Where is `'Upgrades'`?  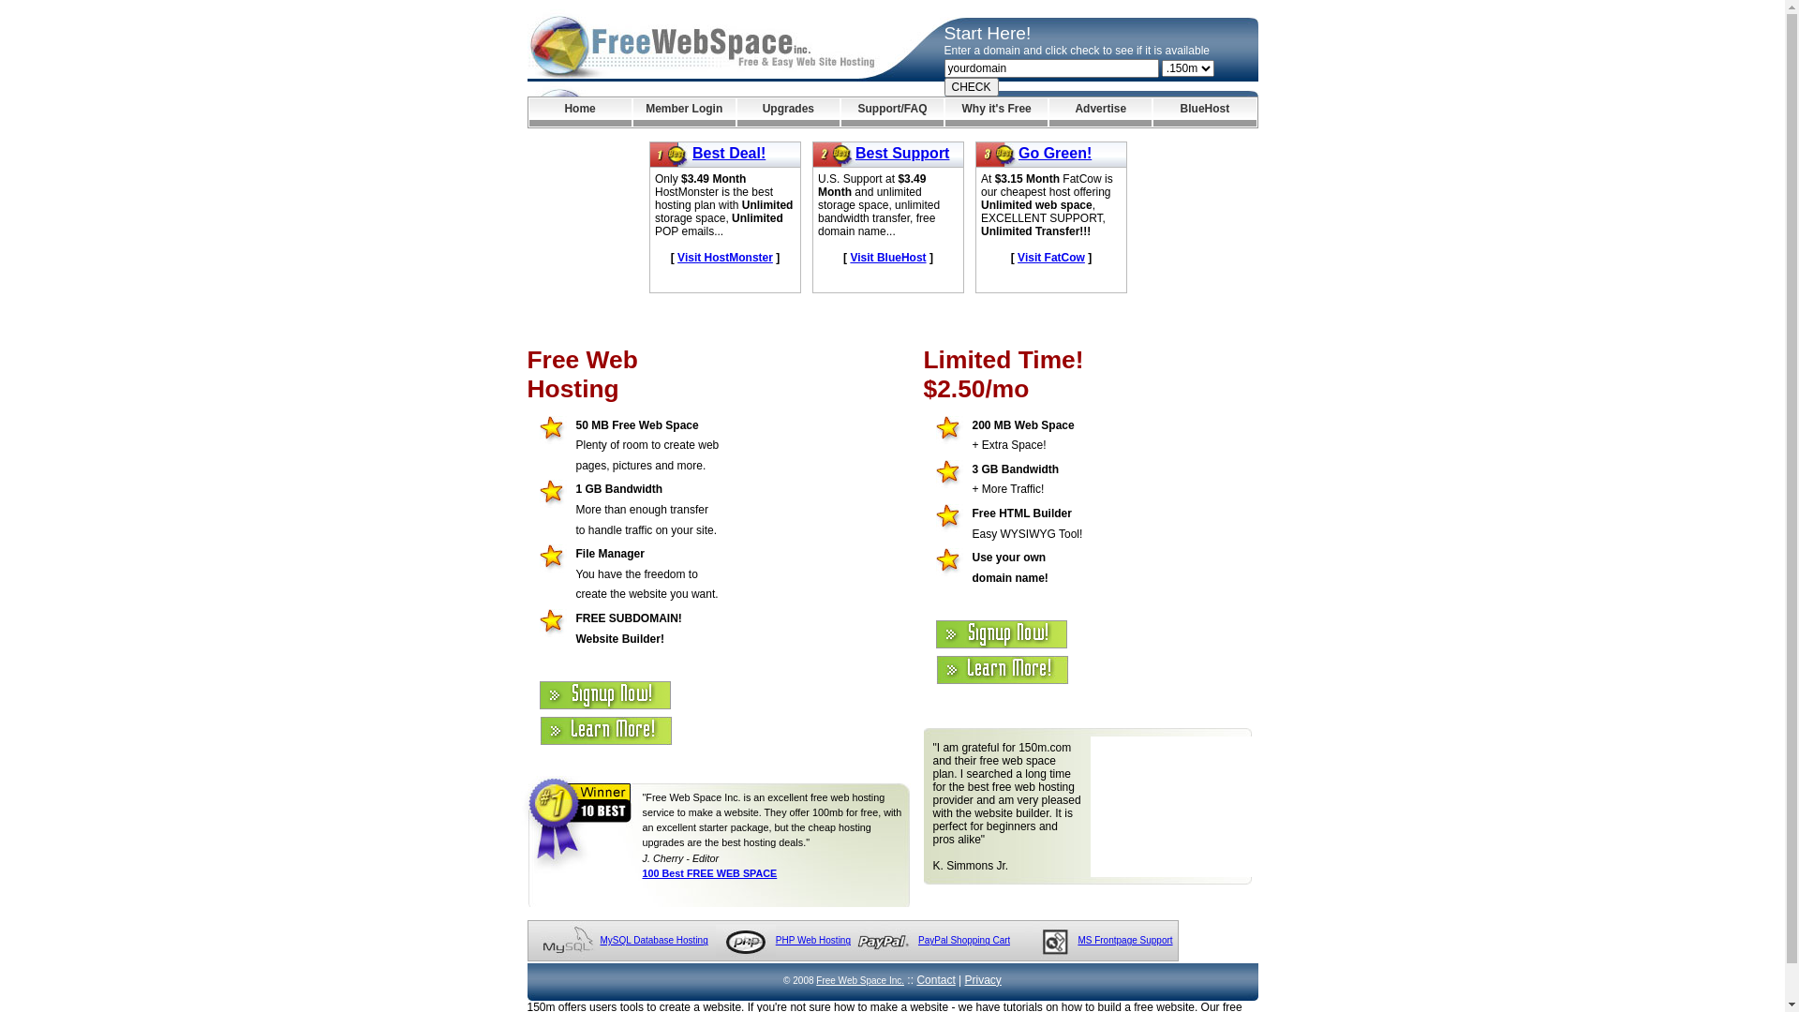
'Upgrades' is located at coordinates (788, 112).